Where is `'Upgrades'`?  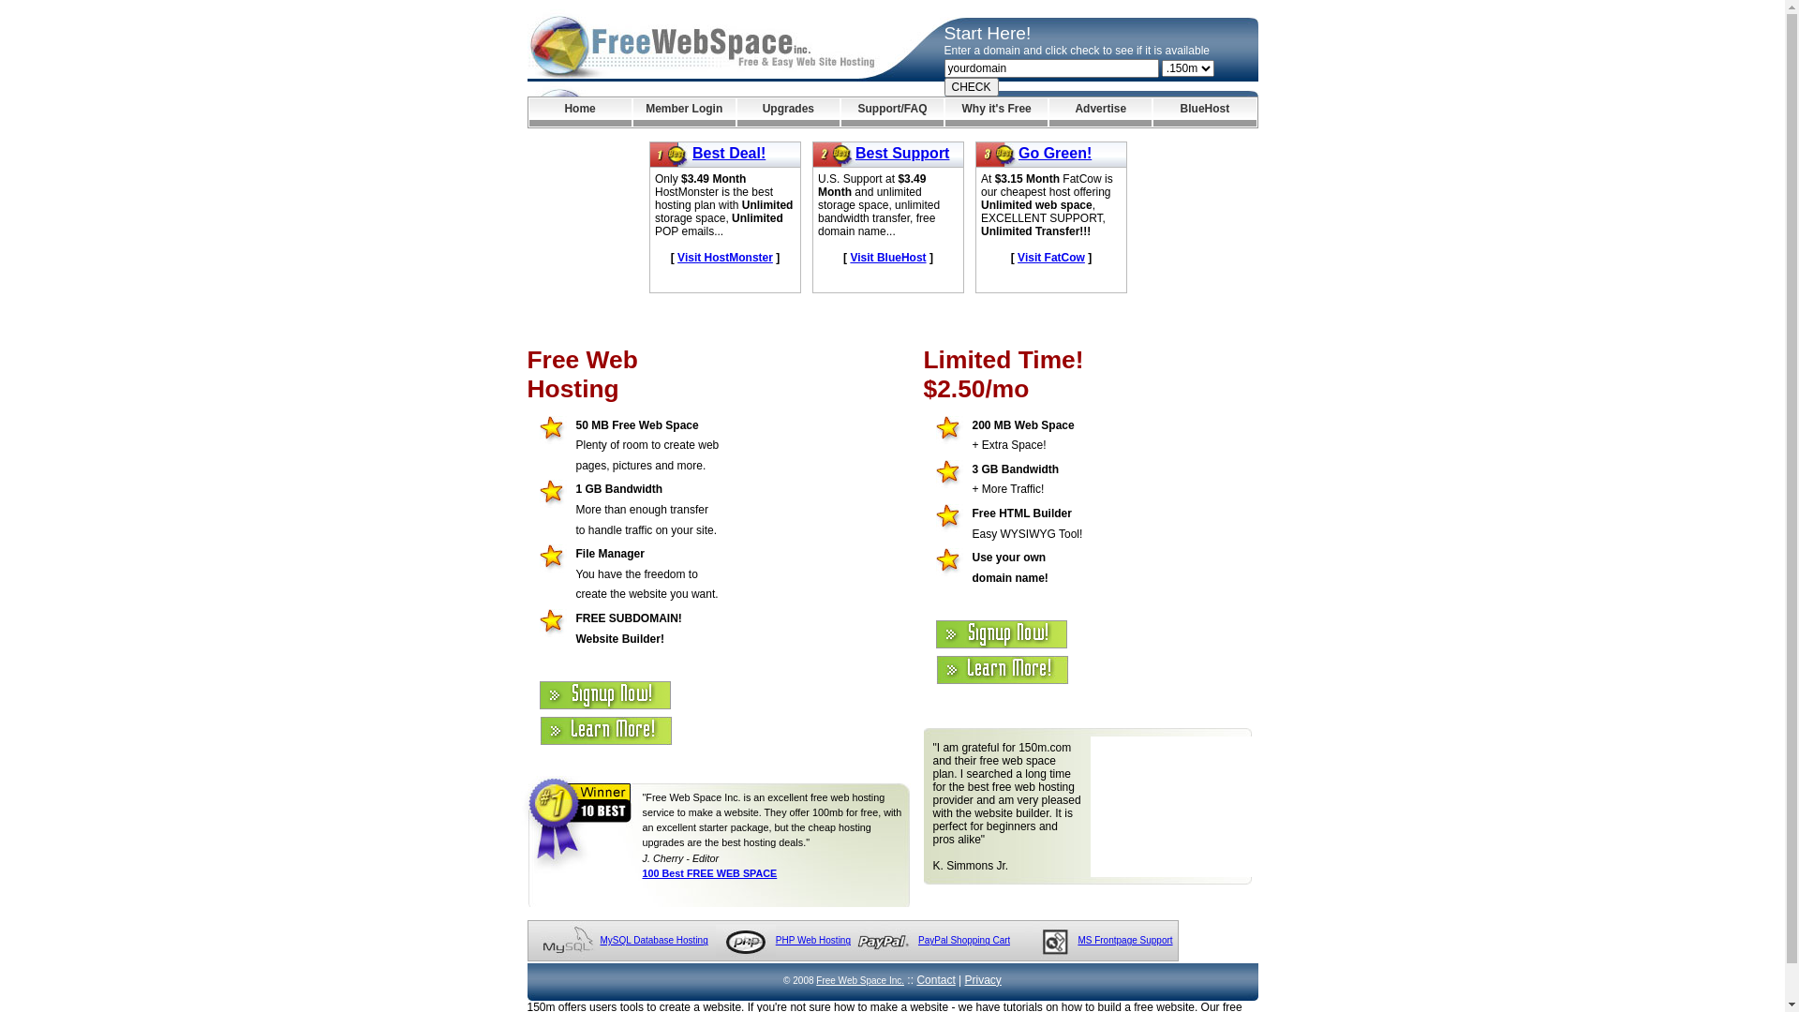
'Upgrades' is located at coordinates (788, 112).